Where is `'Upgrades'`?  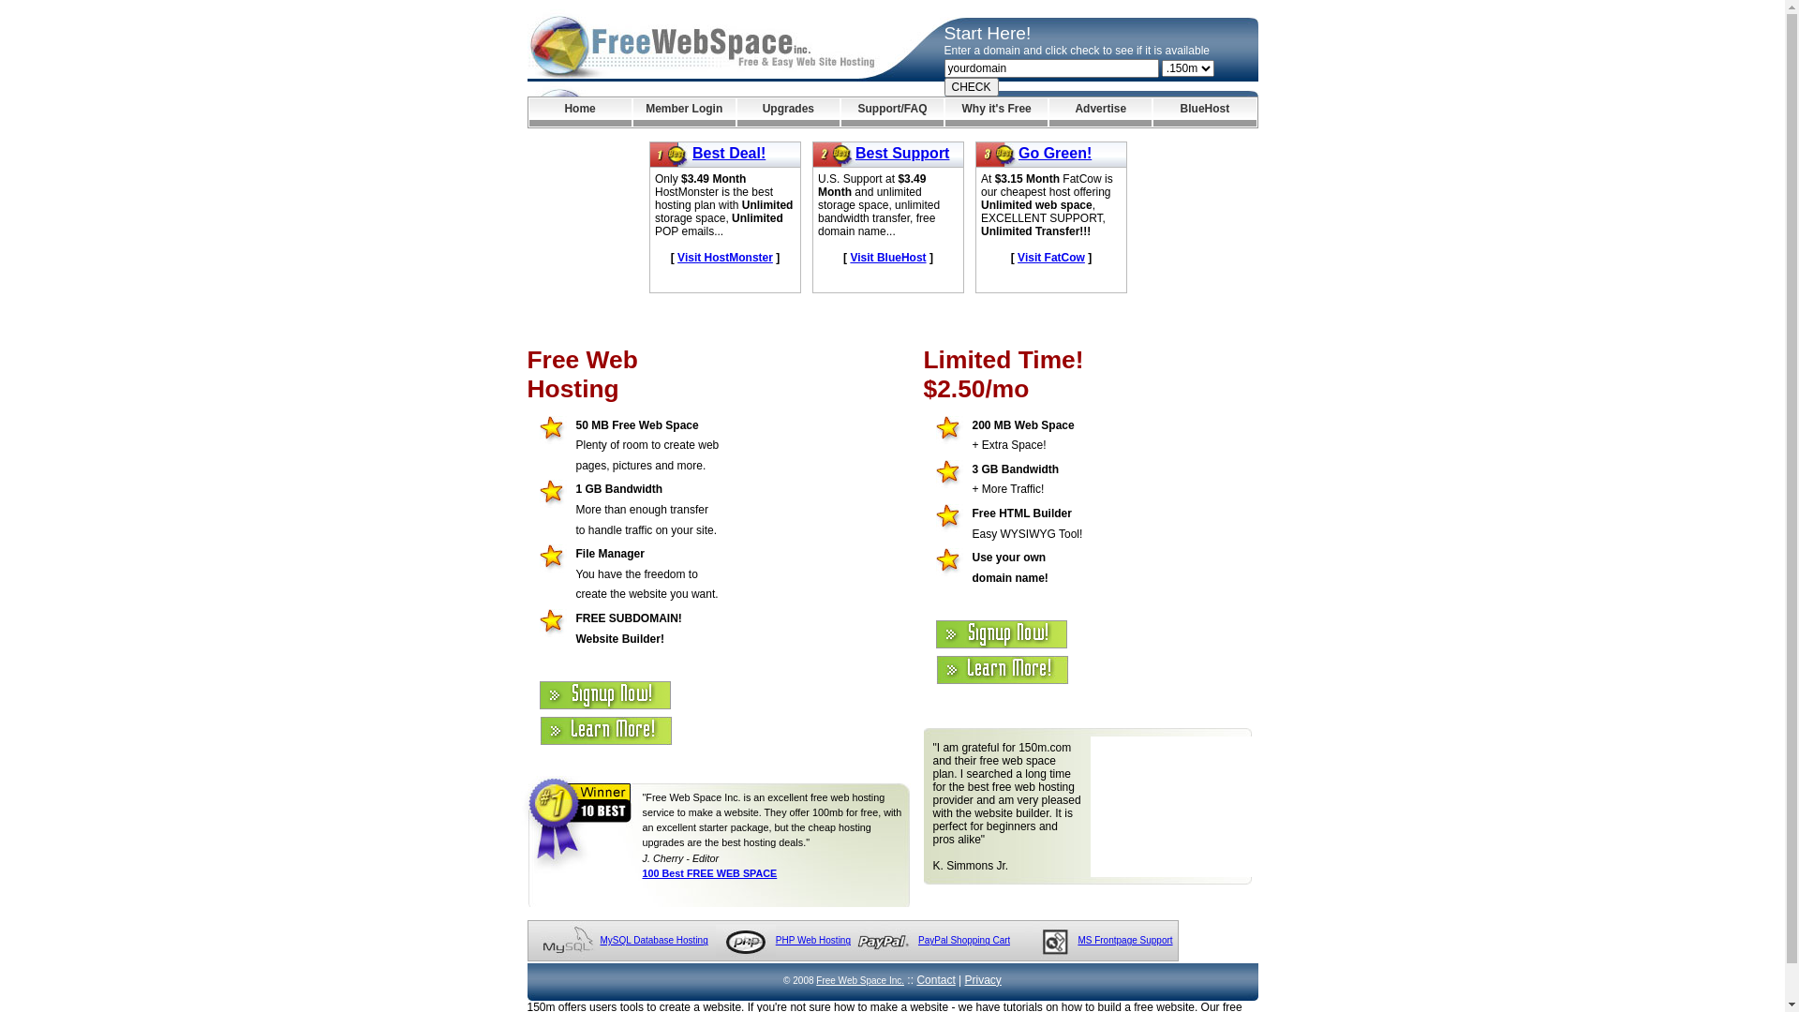
'Upgrades' is located at coordinates (788, 112).